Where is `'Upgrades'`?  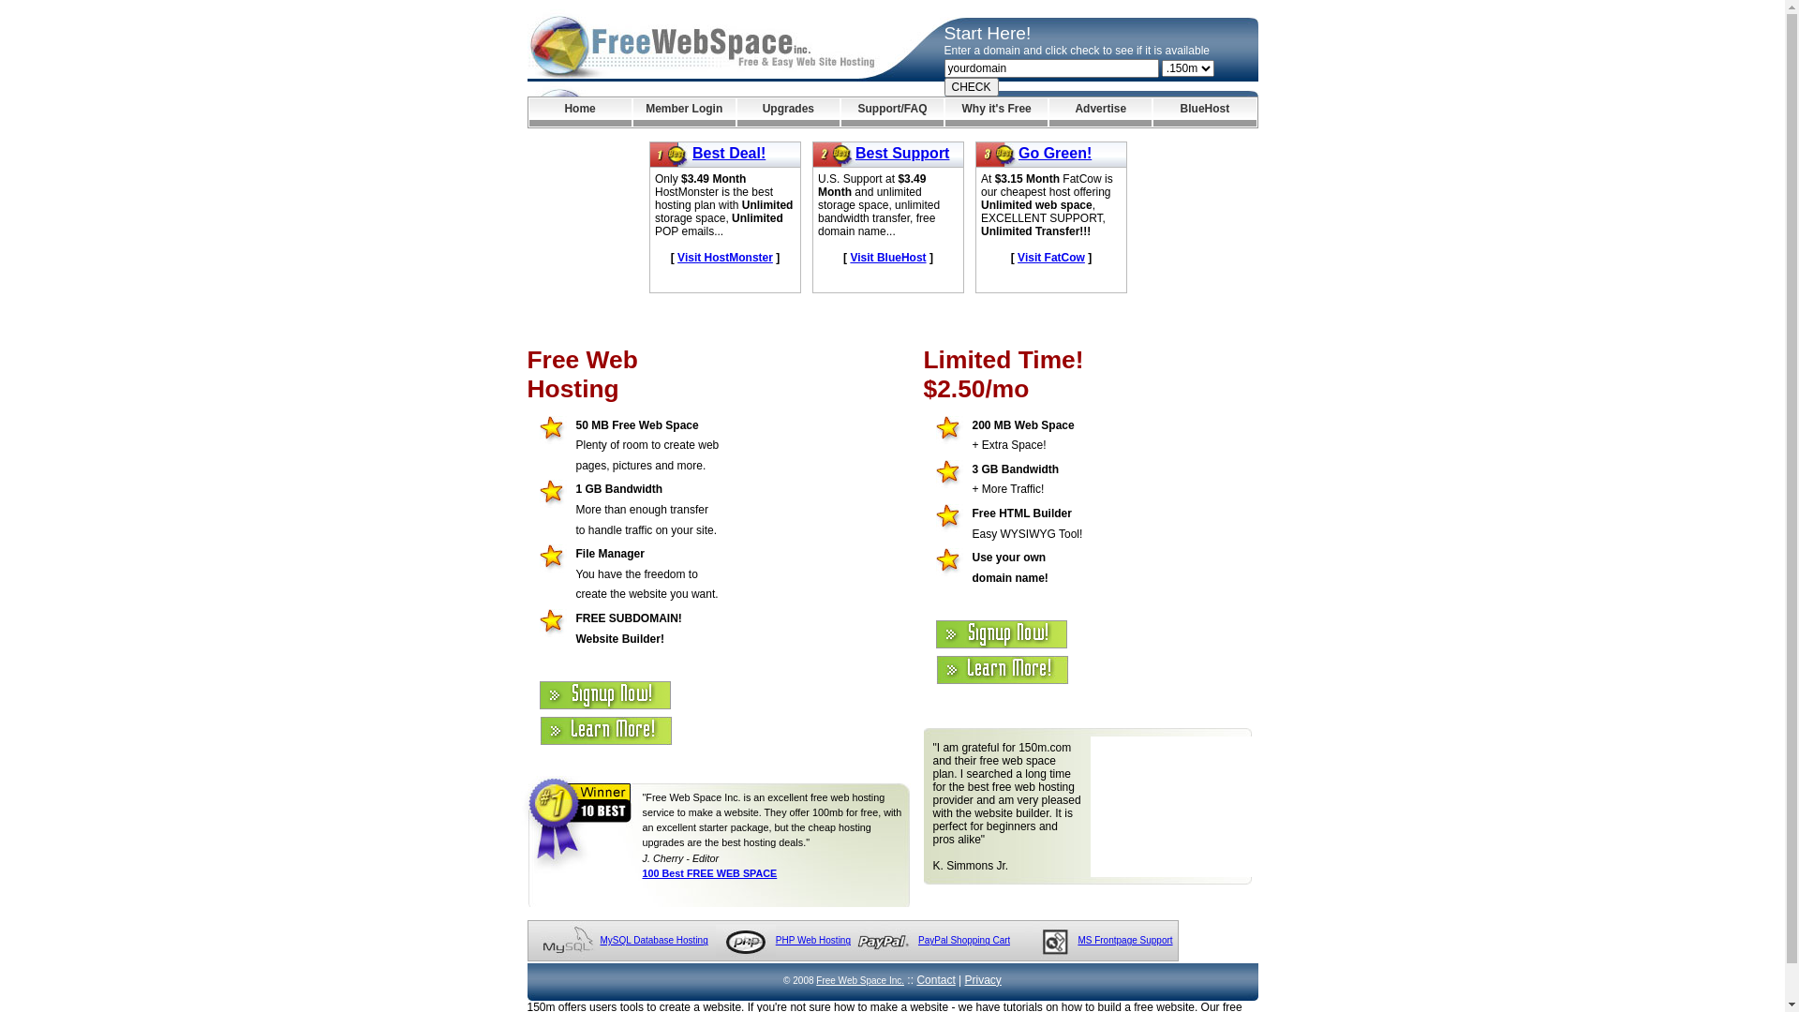
'Upgrades' is located at coordinates (788, 112).